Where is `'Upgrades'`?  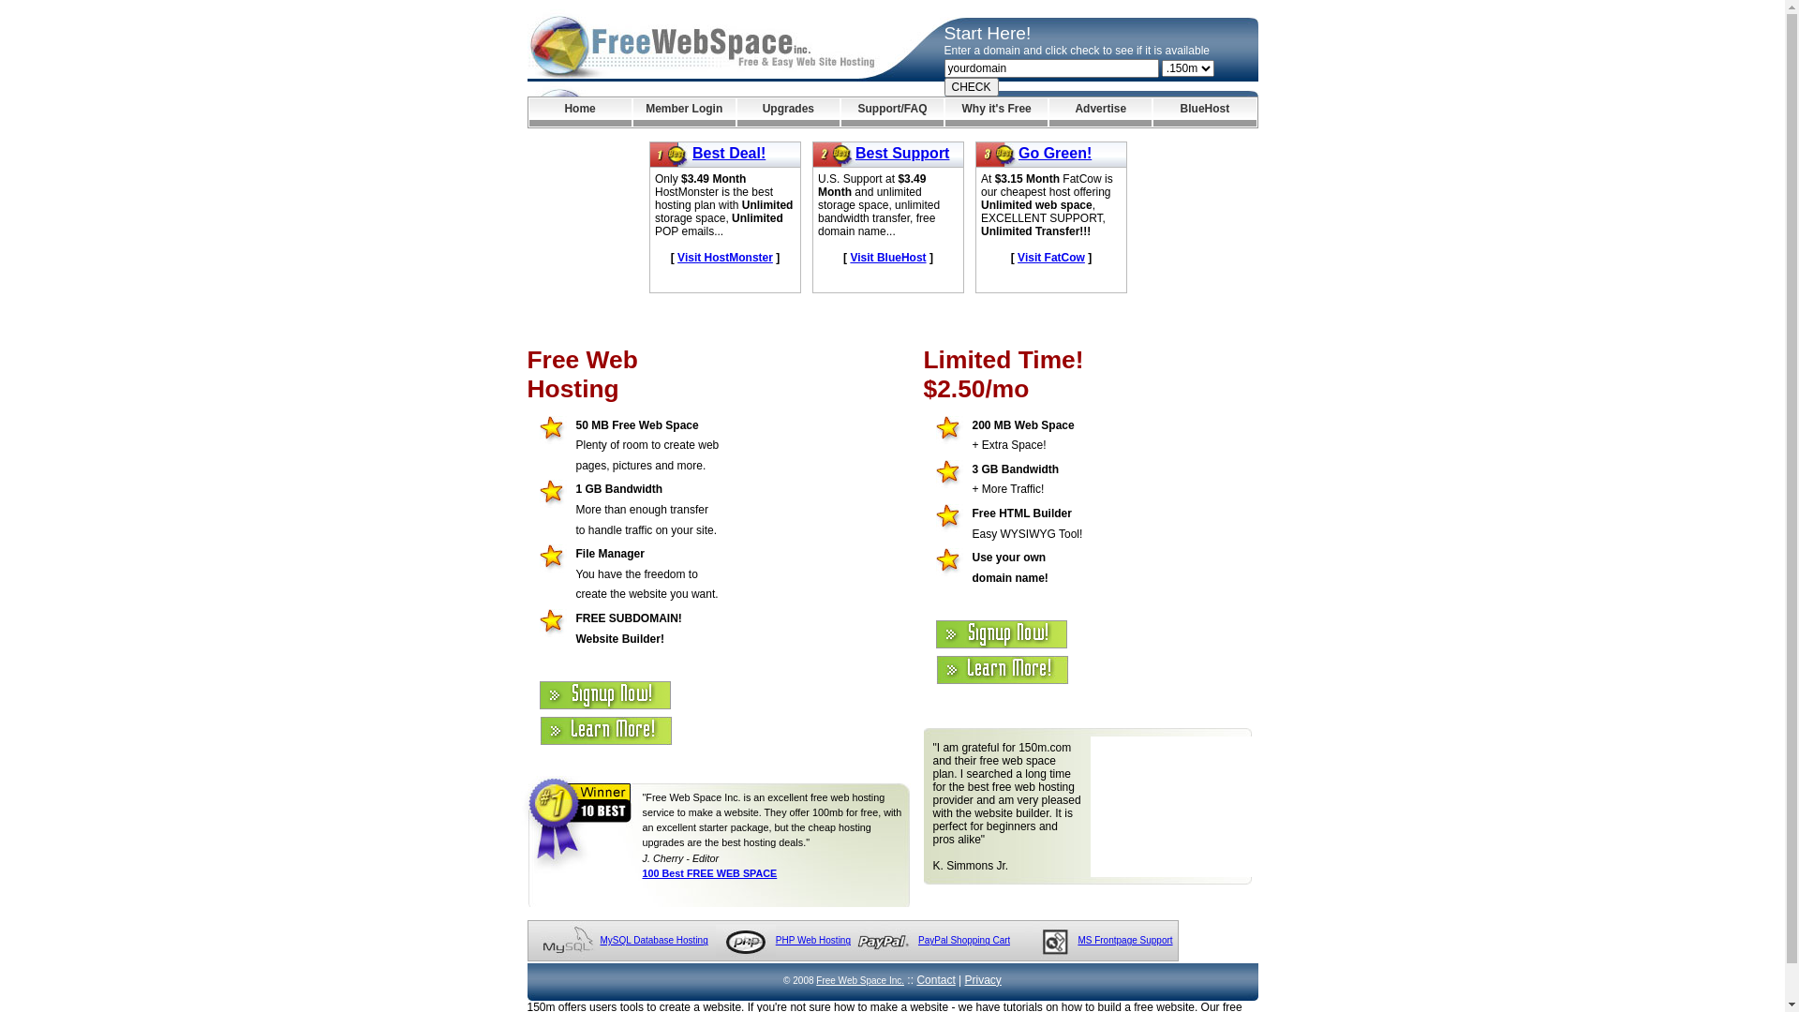
'Upgrades' is located at coordinates (788, 112).